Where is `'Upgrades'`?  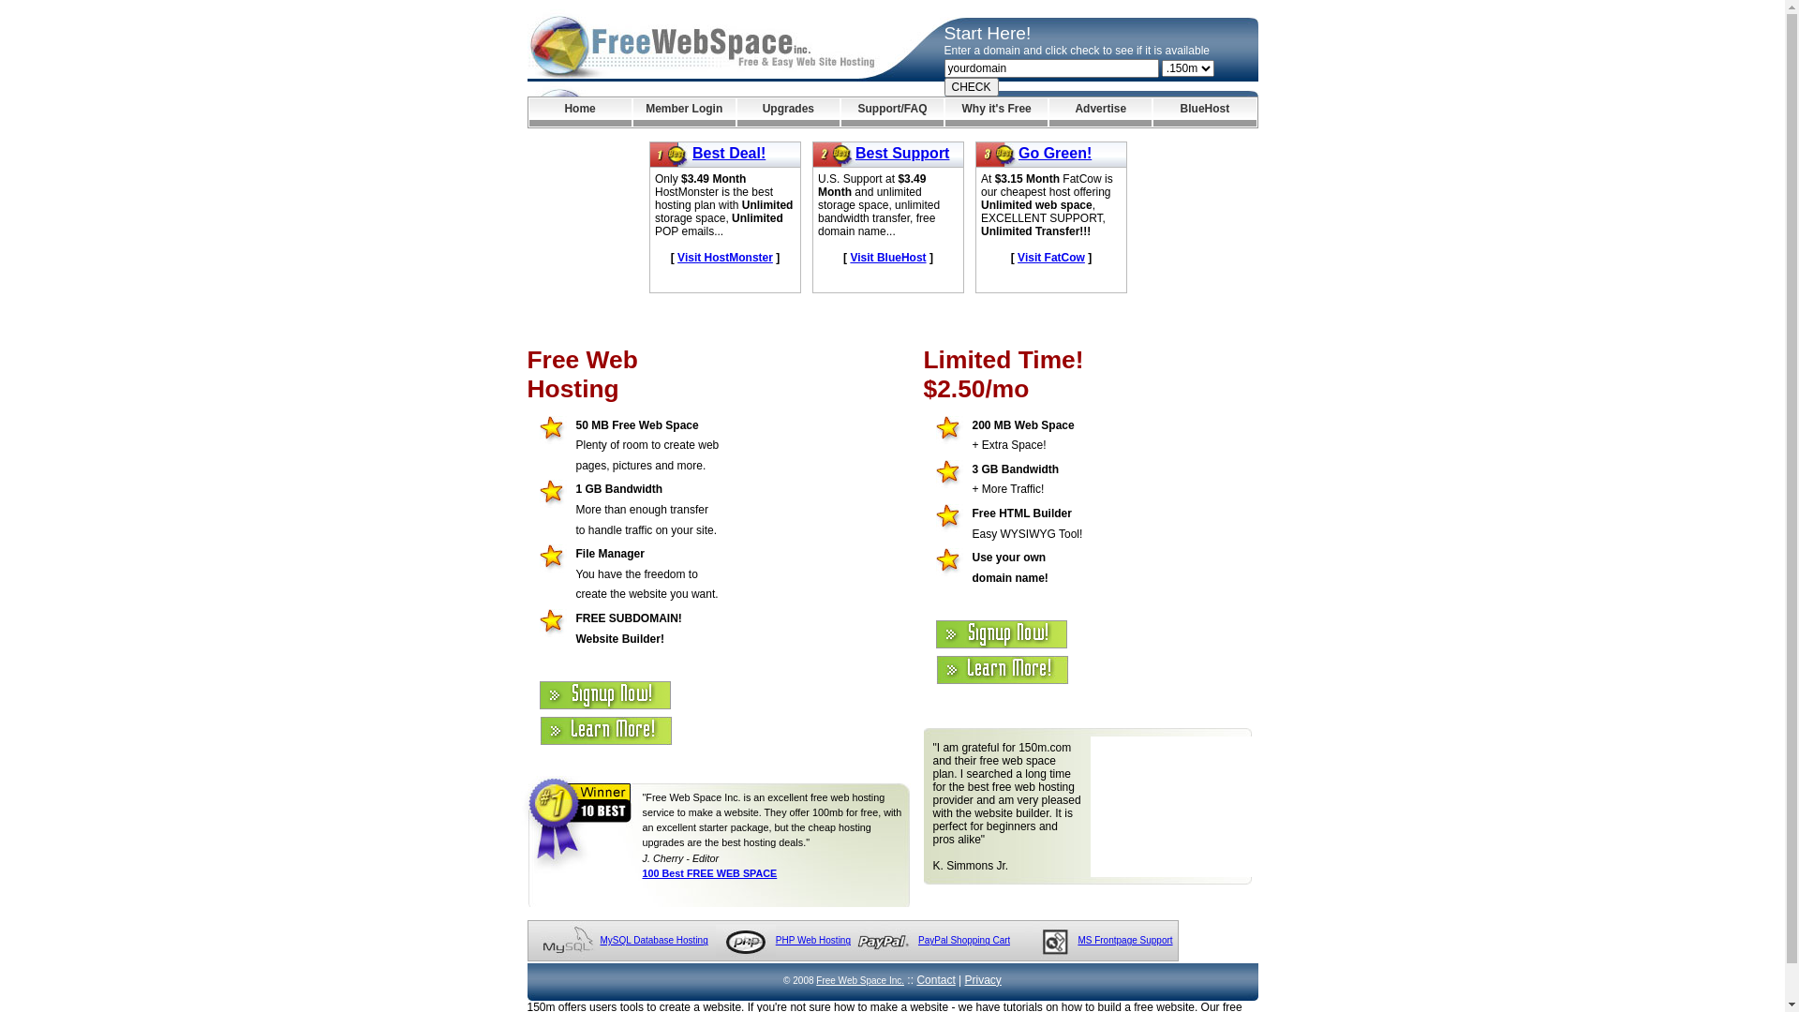
'Upgrades' is located at coordinates (788, 112).